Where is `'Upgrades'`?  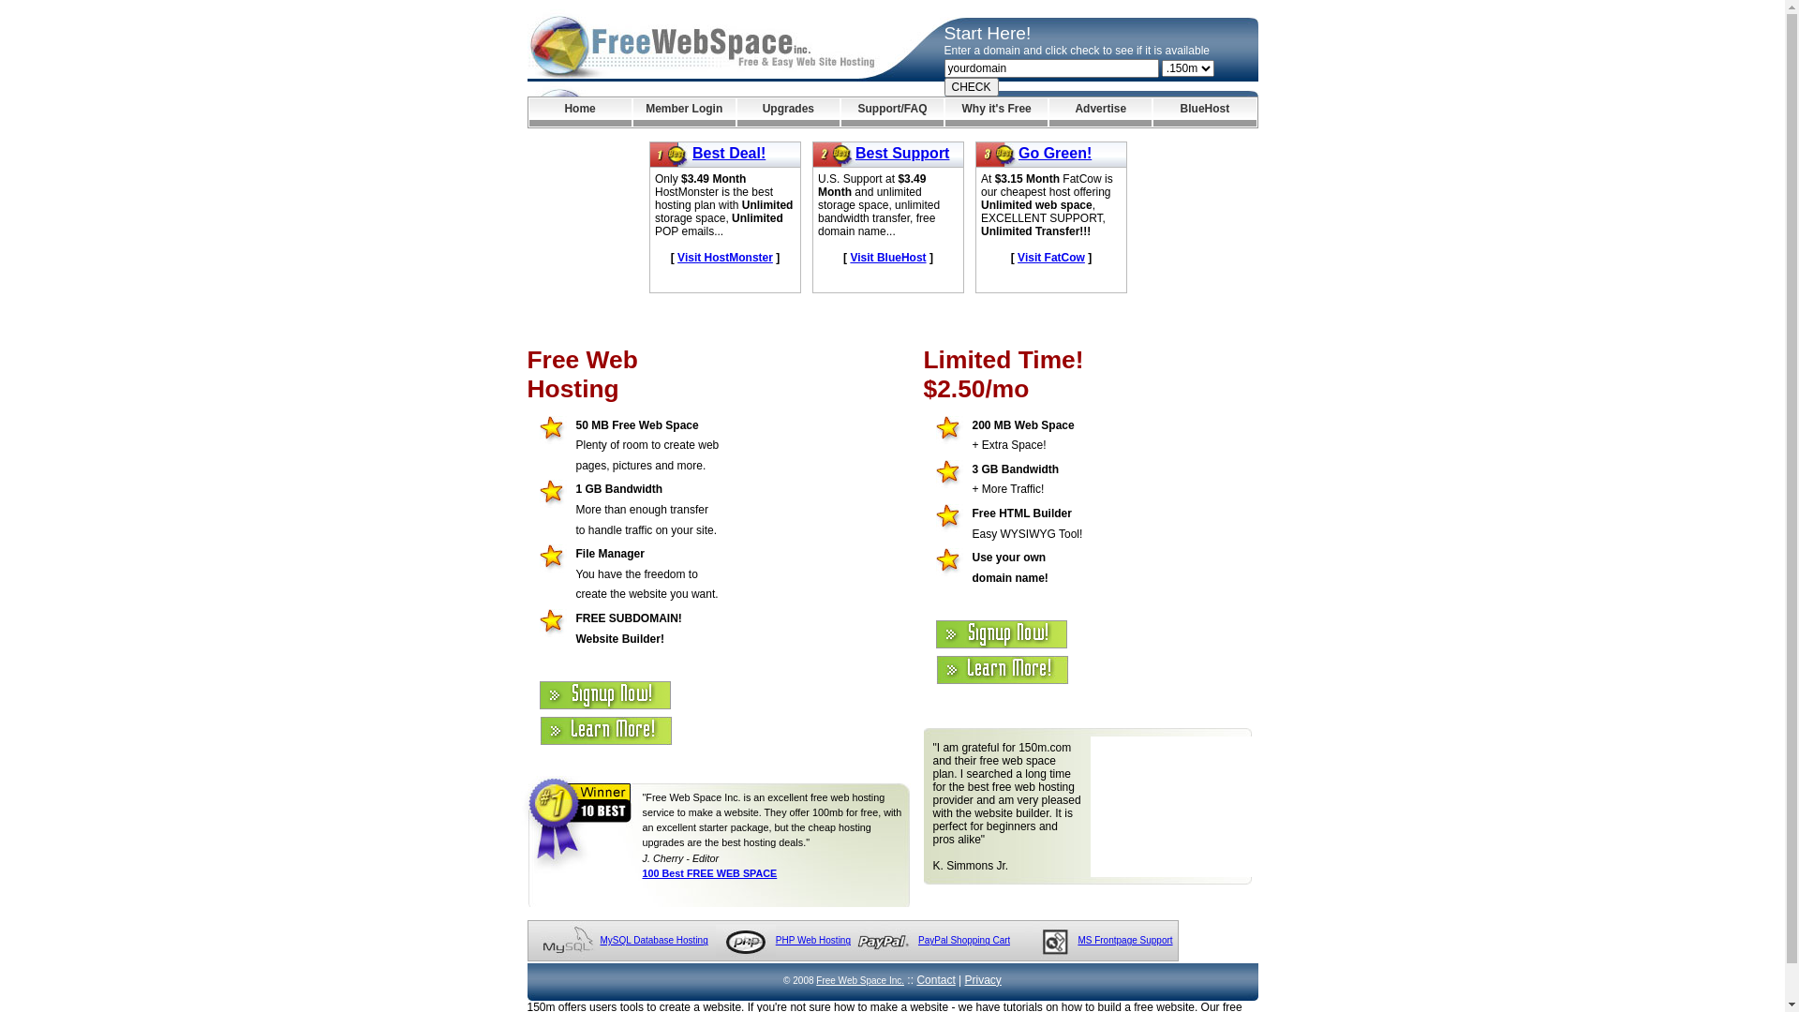
'Upgrades' is located at coordinates (788, 112).